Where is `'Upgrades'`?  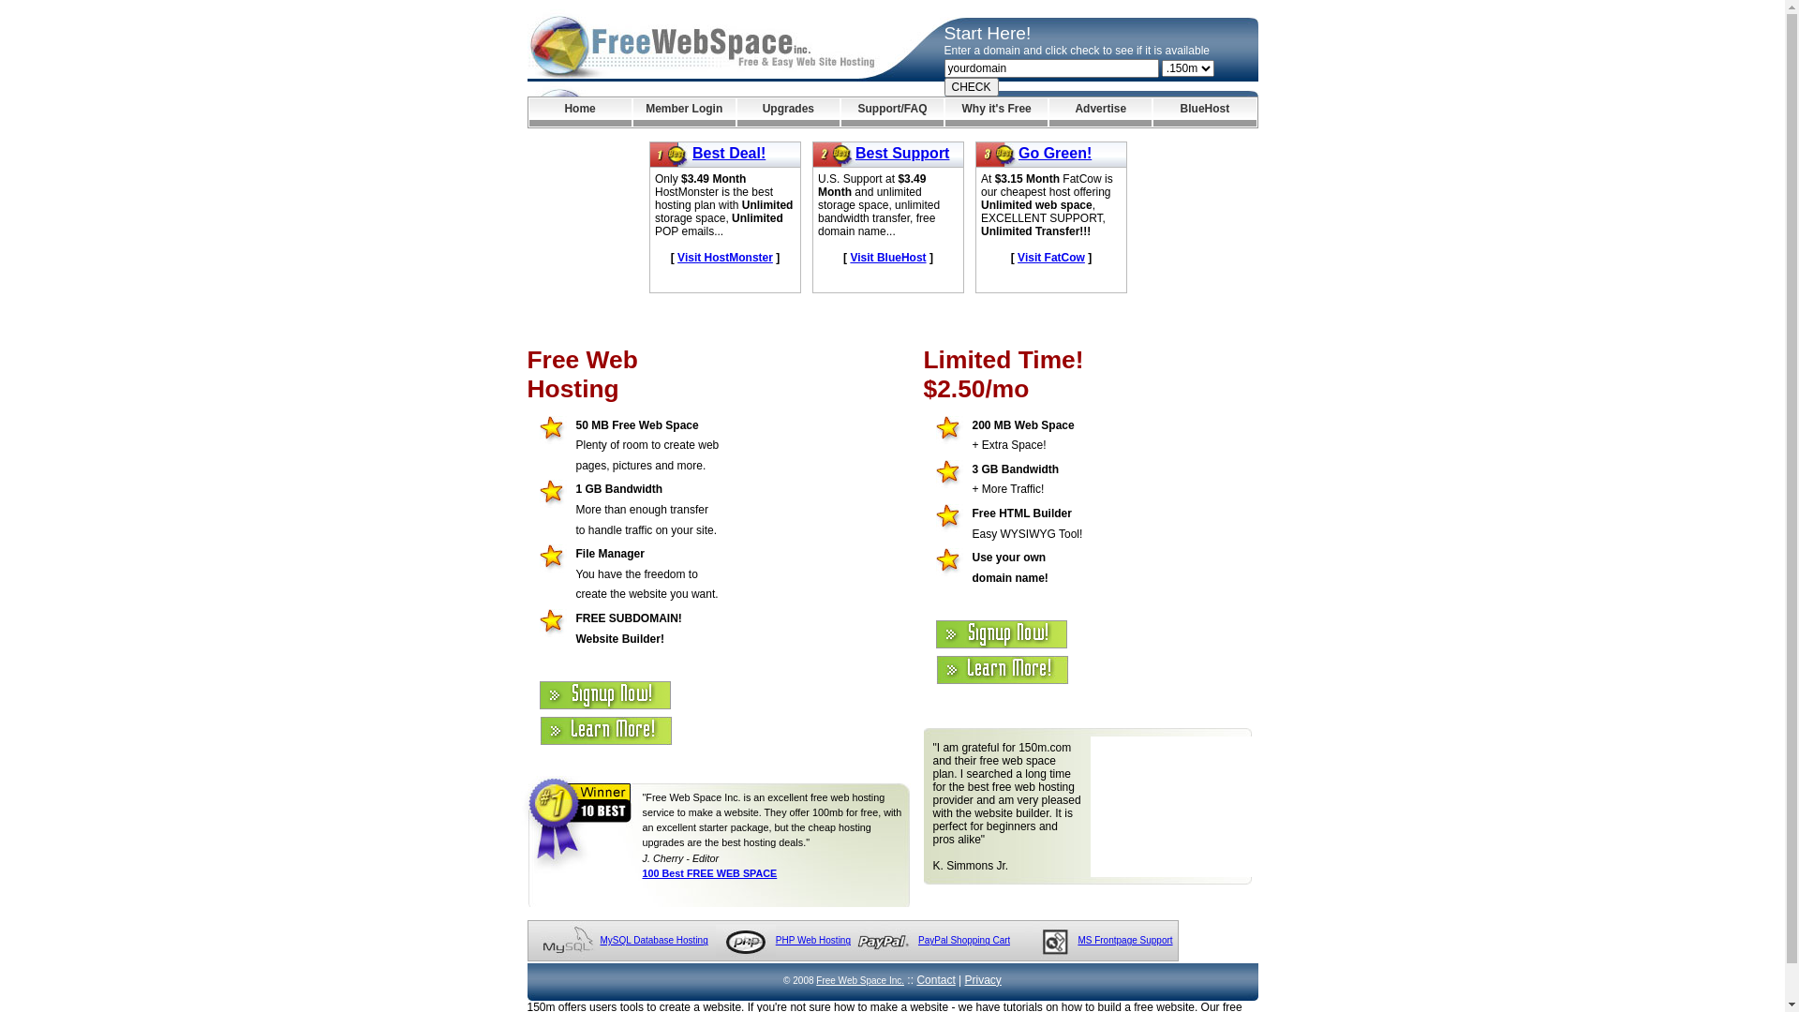
'Upgrades' is located at coordinates (788, 112).